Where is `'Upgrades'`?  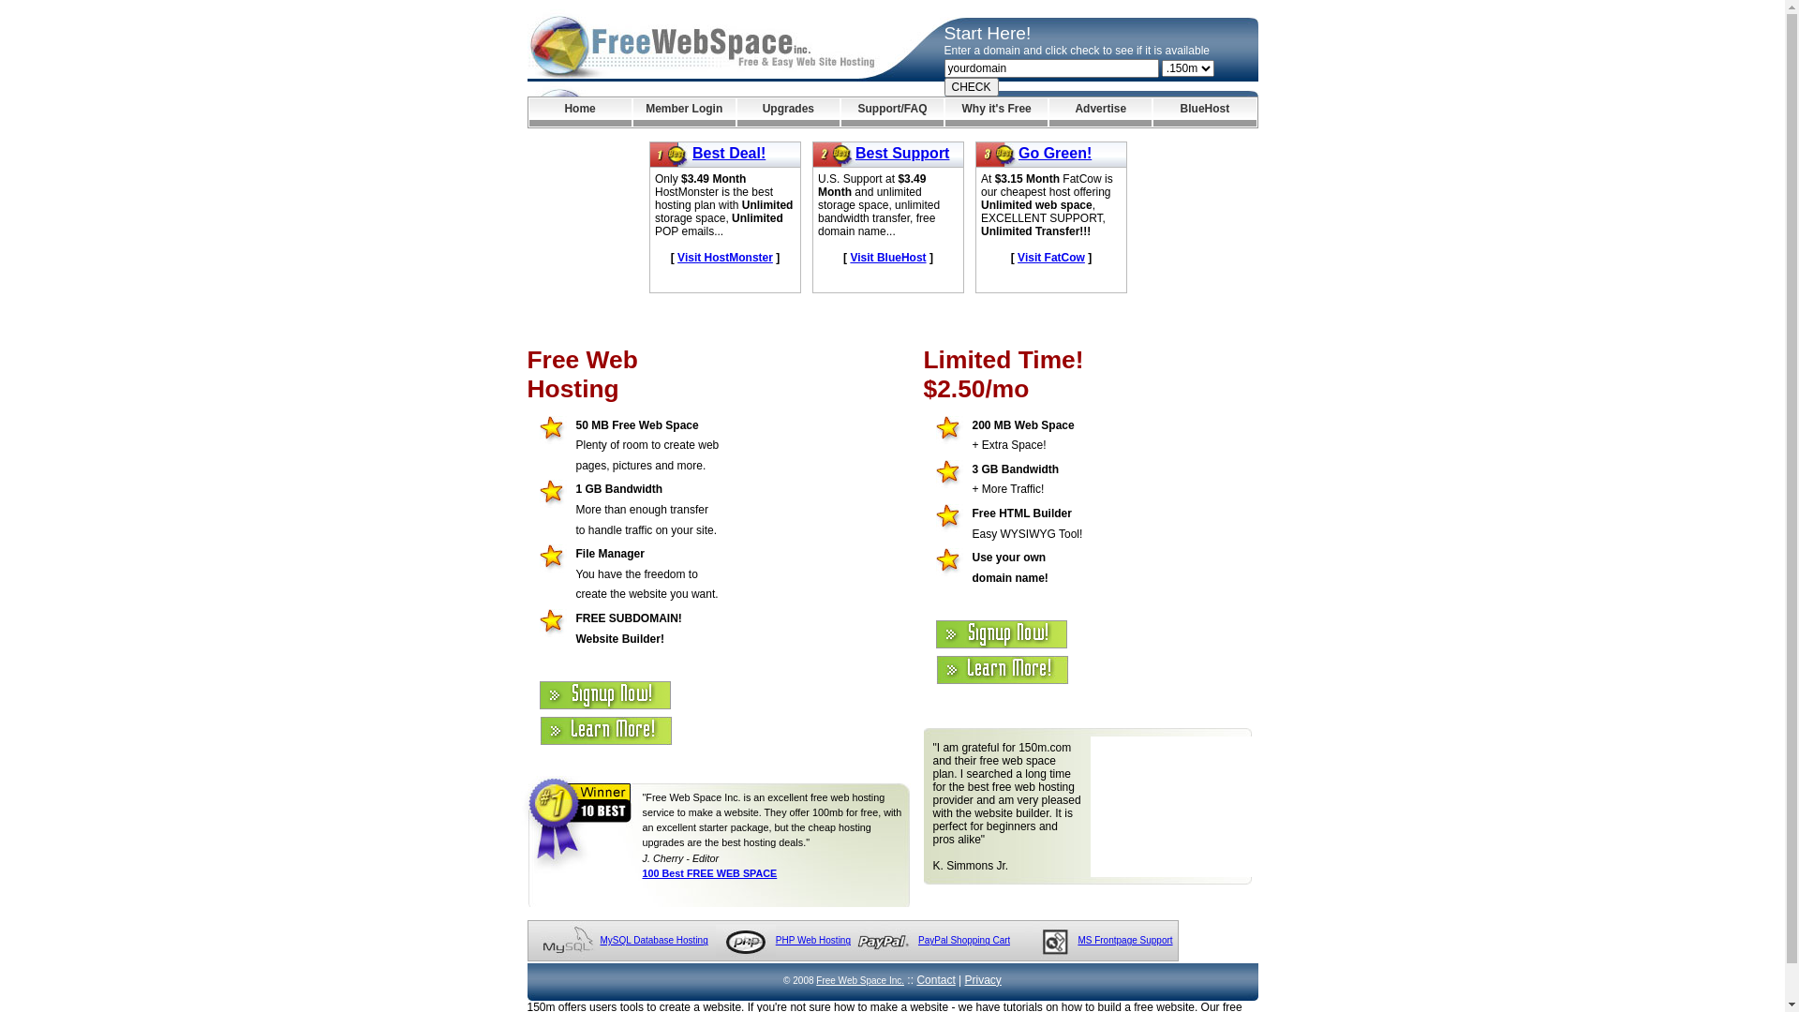
'Upgrades' is located at coordinates (788, 112).